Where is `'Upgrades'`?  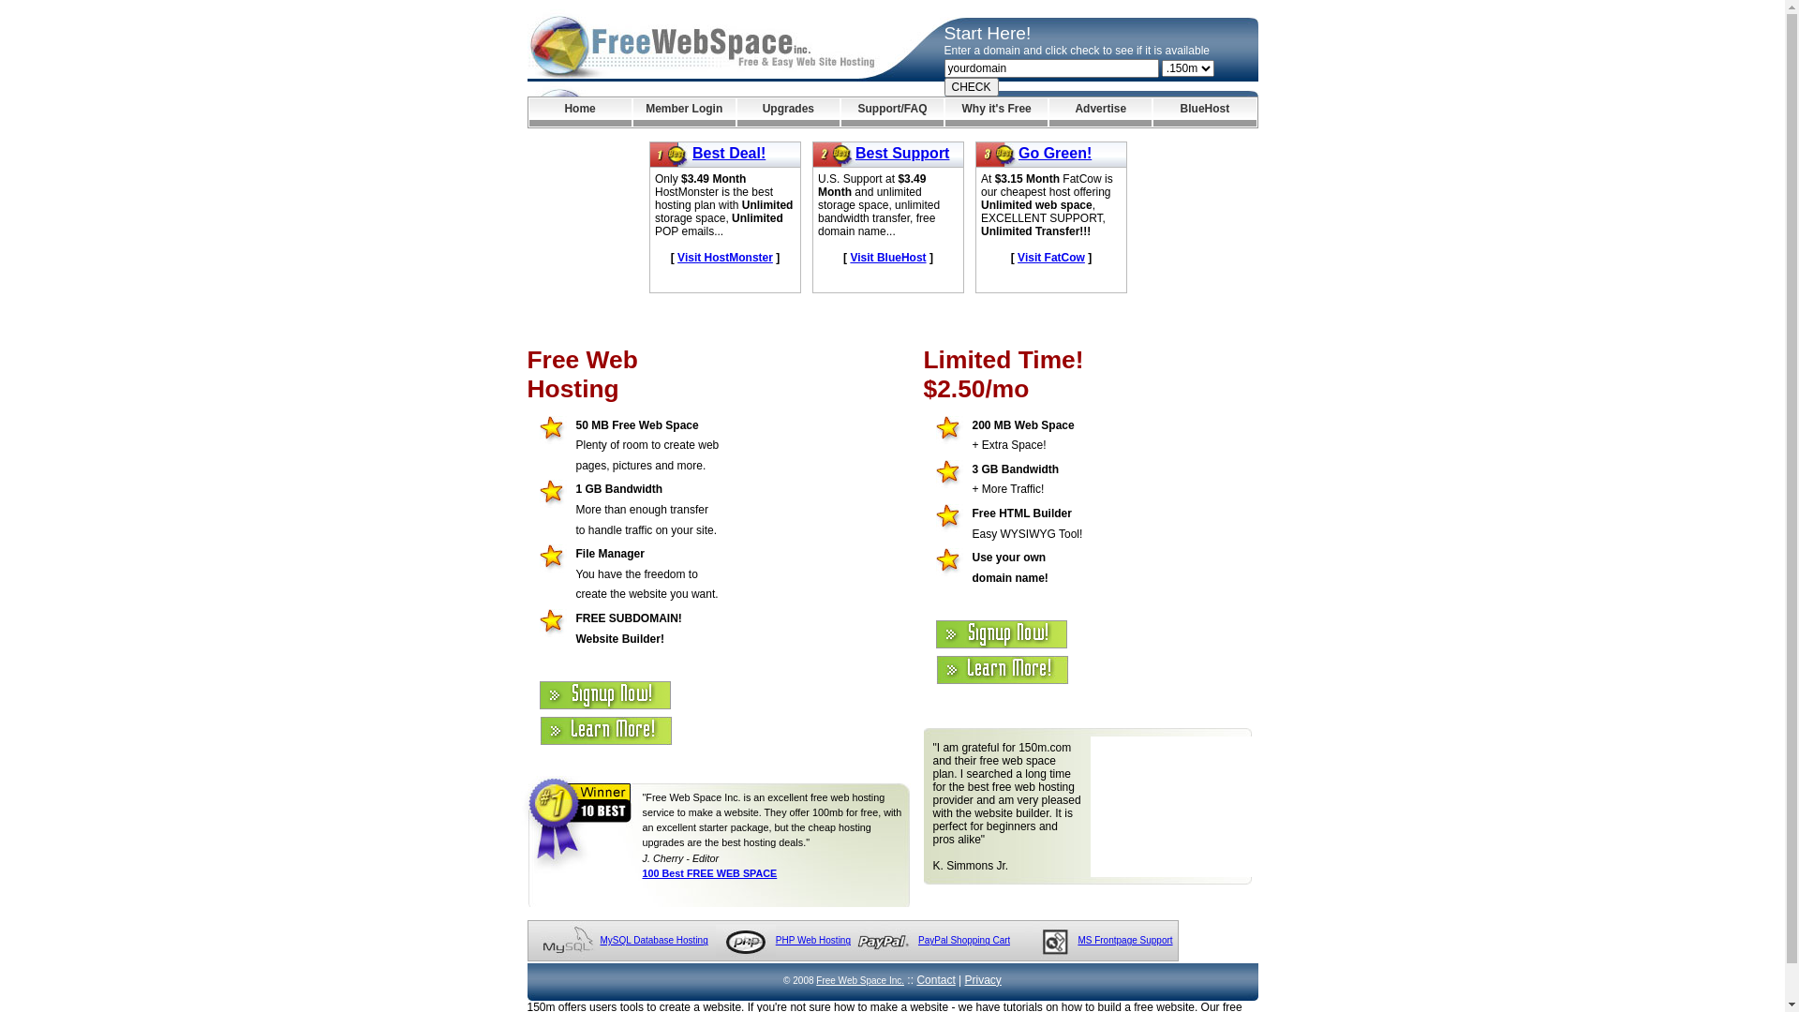
'Upgrades' is located at coordinates (788, 112).